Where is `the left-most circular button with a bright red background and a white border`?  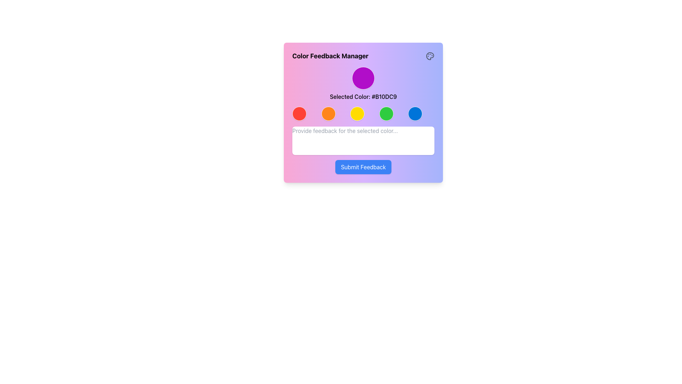
the left-most circular button with a bright red background and a white border is located at coordinates (299, 113).